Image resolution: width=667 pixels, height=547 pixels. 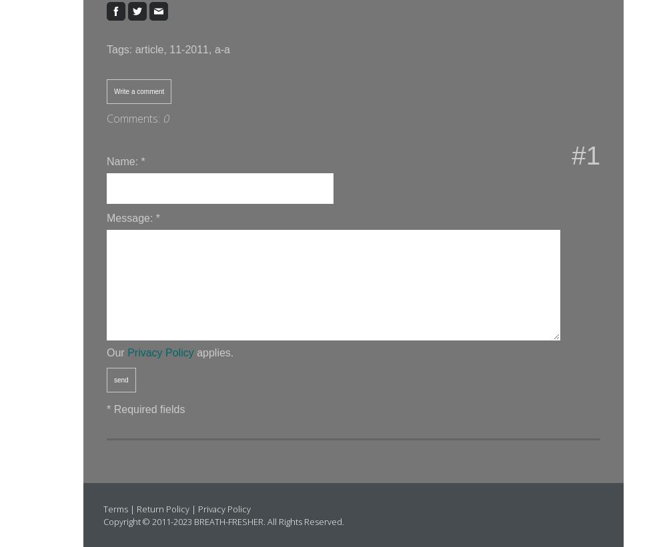 What do you see at coordinates (165, 118) in the screenshot?
I see `'0'` at bounding box center [165, 118].